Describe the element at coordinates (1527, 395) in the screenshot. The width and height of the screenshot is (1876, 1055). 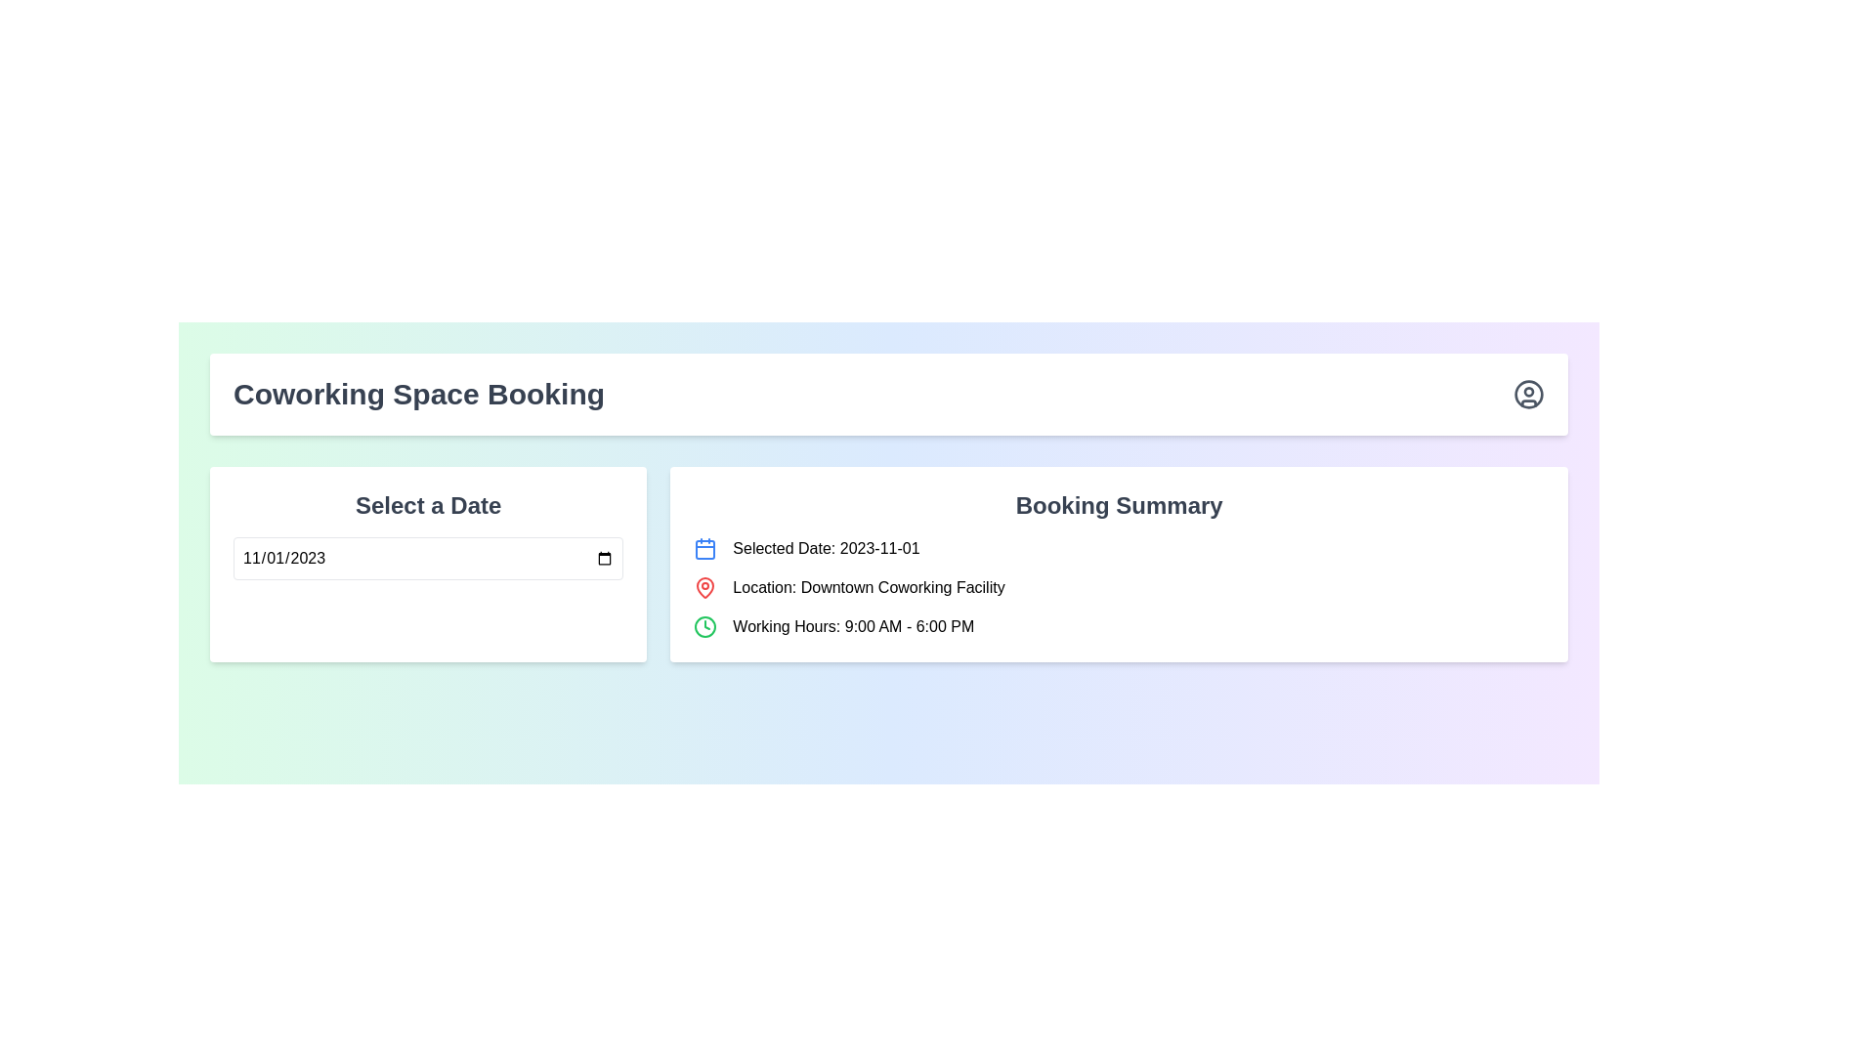
I see `the circle element of the user profile icon located in the top-right corner of the layout` at that location.